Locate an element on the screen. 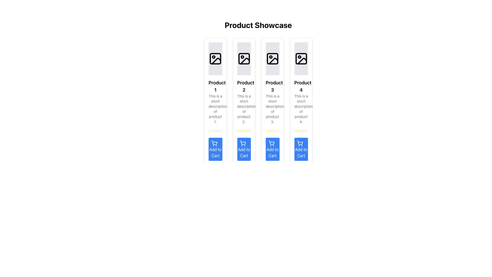 The height and width of the screenshot is (277, 492). styling of the bold text label displaying 'Product Showcase', which is positioned at the top of the interface above the product listings is located at coordinates (258, 25).